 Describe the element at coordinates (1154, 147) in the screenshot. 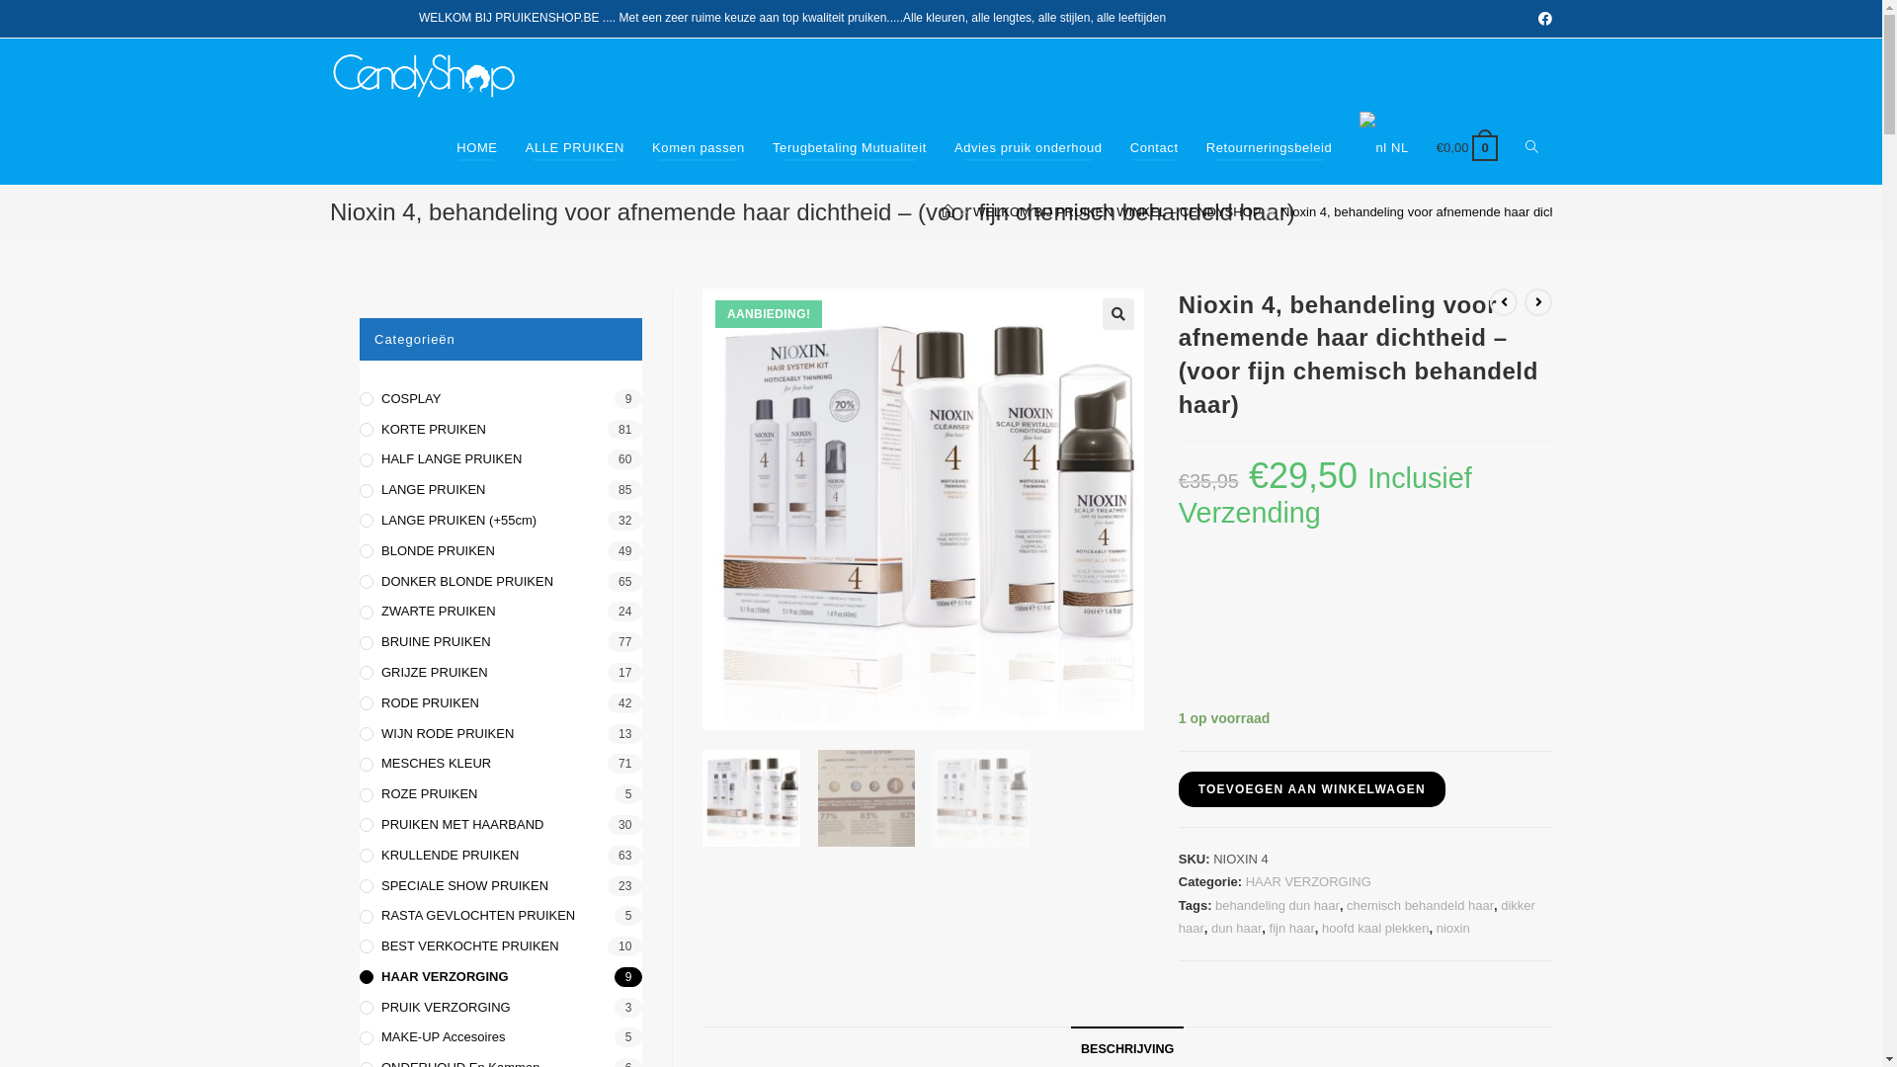

I see `'Contact'` at that location.